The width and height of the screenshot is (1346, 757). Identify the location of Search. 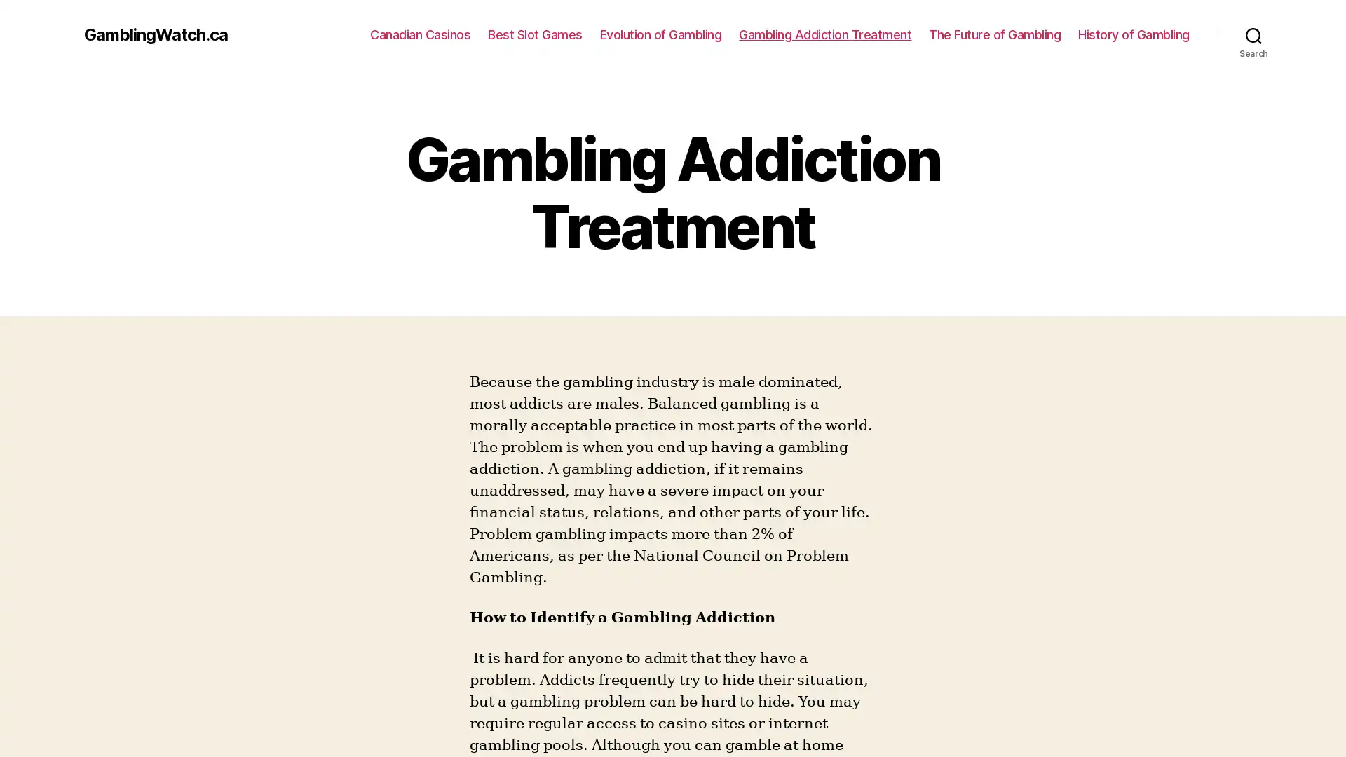
(1253, 34).